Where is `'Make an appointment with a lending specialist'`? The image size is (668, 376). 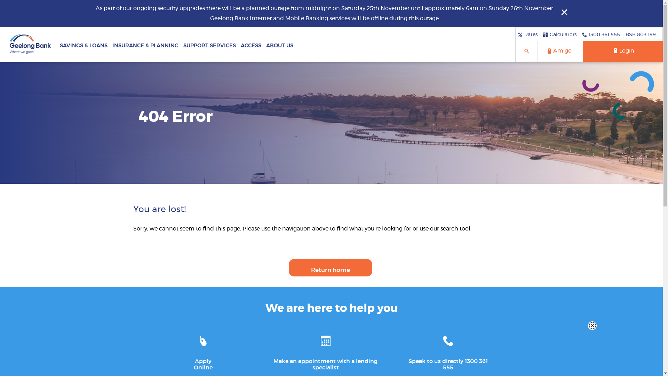 'Make an appointment with a lending specialist' is located at coordinates (325, 350).